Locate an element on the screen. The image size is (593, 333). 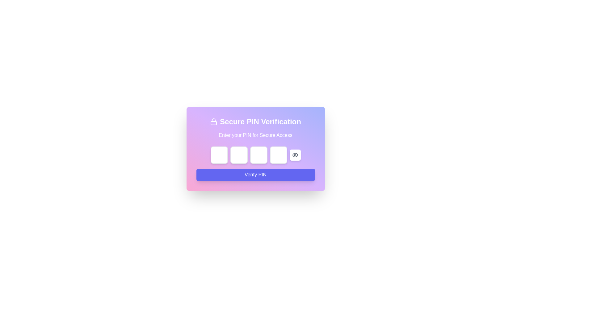
the Password input field to set focus for typing a single character for PIN verification is located at coordinates (219, 154).